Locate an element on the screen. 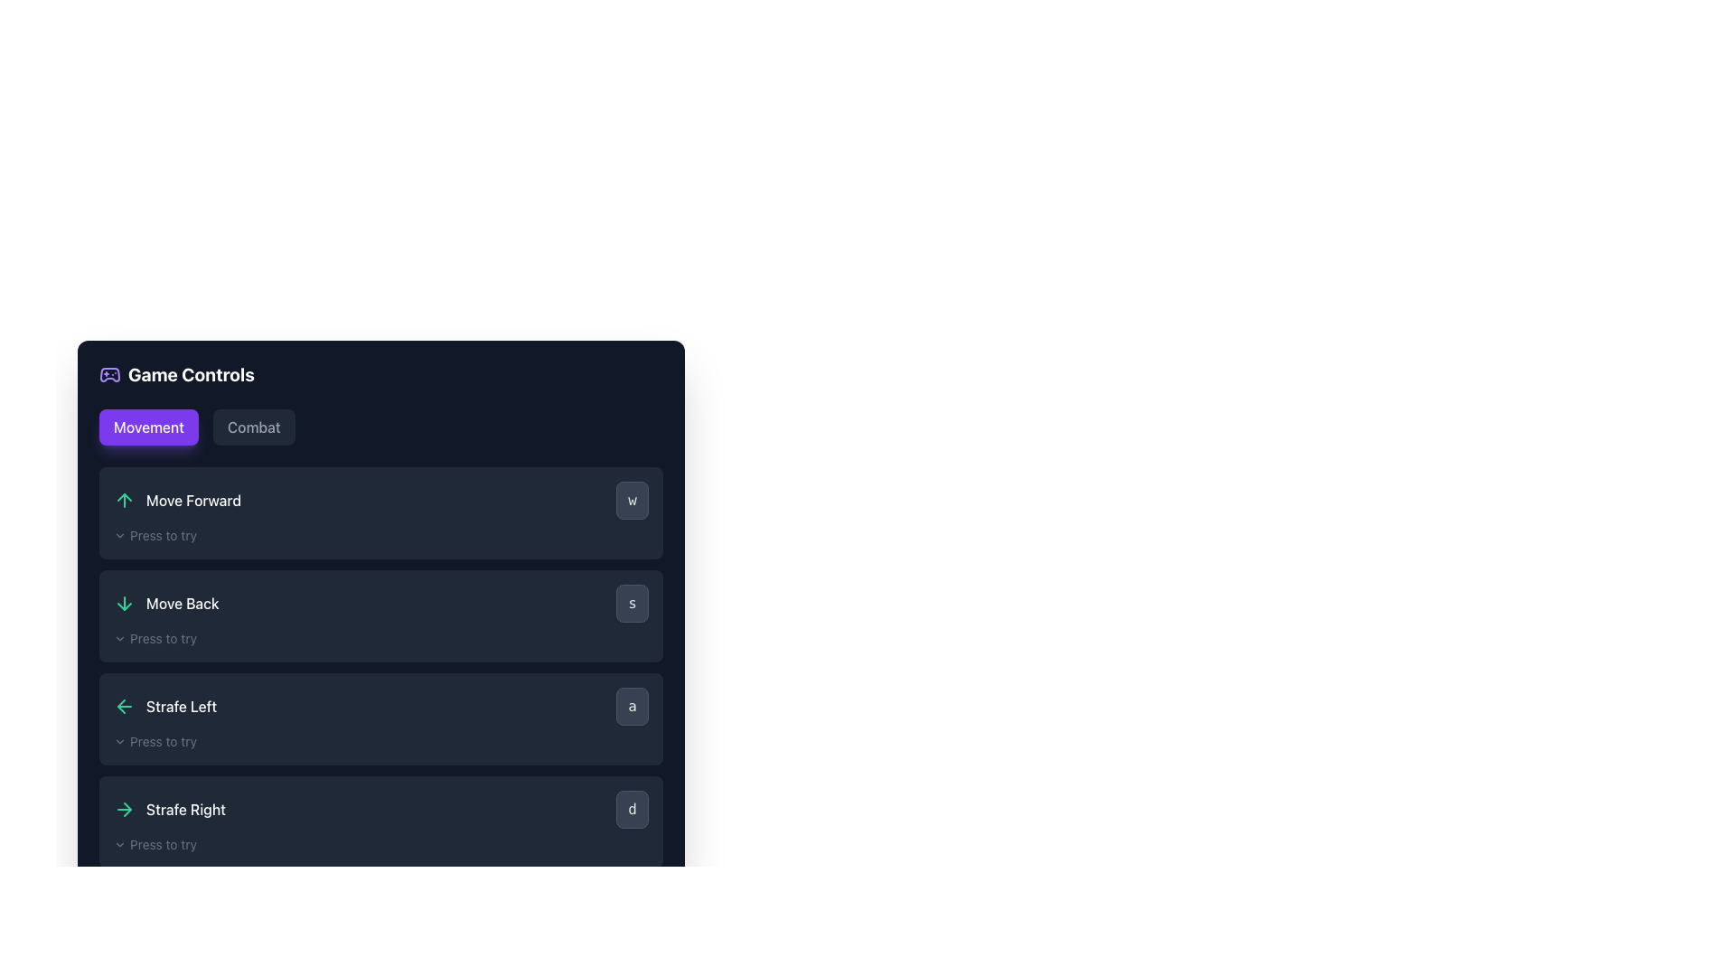  the key-display element indicating the 'w' key for the 'Move Forward' action, positioned at the rightmost end of its row in the control configuration interface is located at coordinates (633, 501).